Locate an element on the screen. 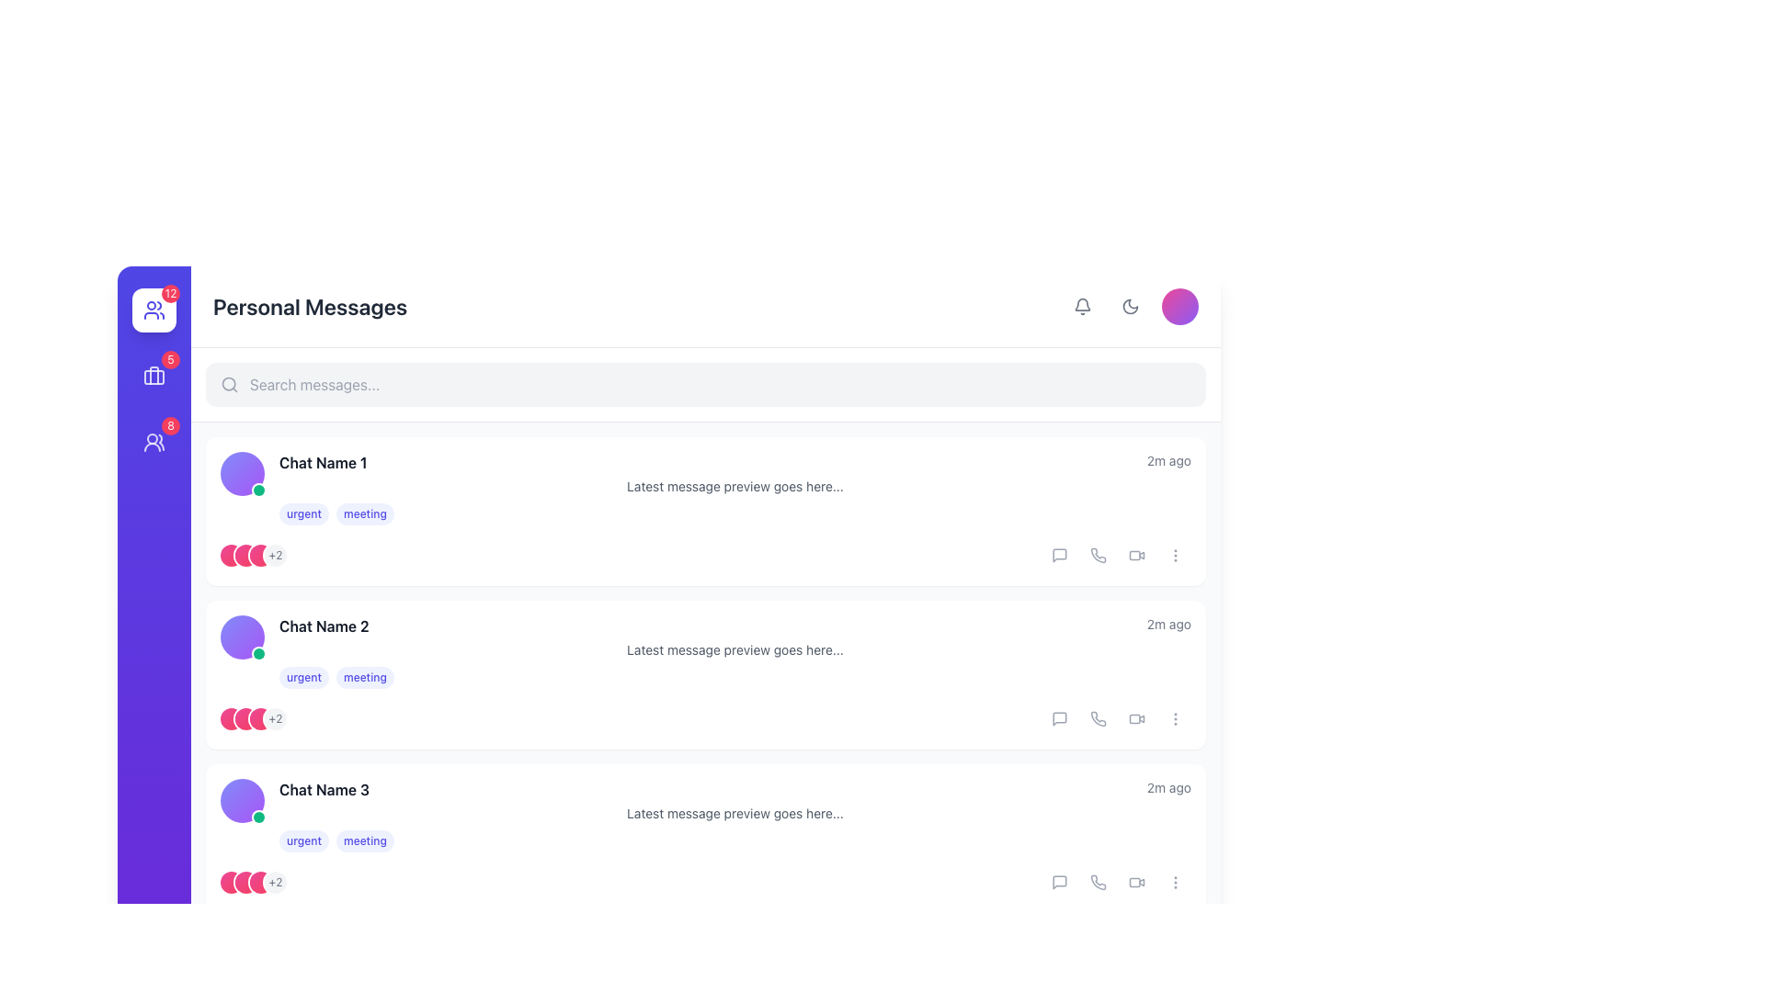  the second chat item in the vertically listed chat feed is located at coordinates (705, 650).